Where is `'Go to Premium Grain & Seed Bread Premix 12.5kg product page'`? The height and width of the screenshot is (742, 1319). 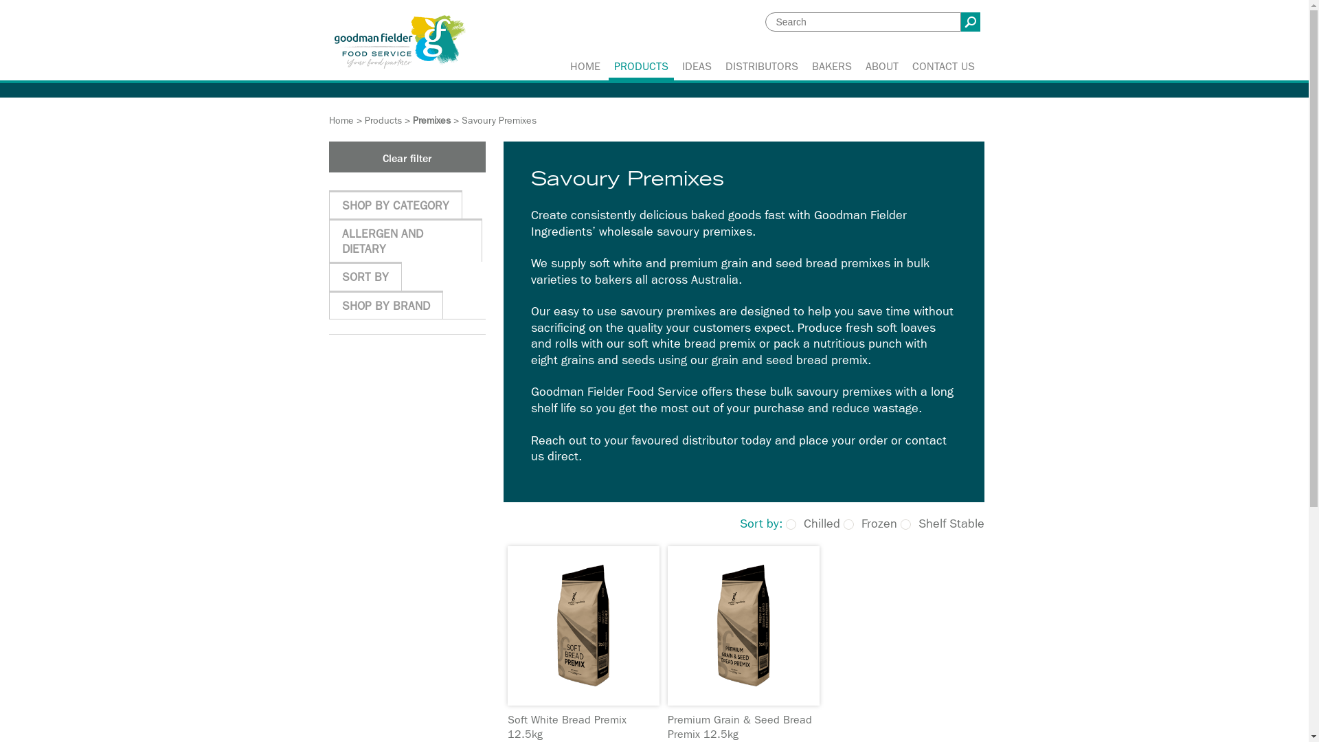
'Go to Premium Grain & Seed Bread Premix 12.5kg product page' is located at coordinates (743, 625).